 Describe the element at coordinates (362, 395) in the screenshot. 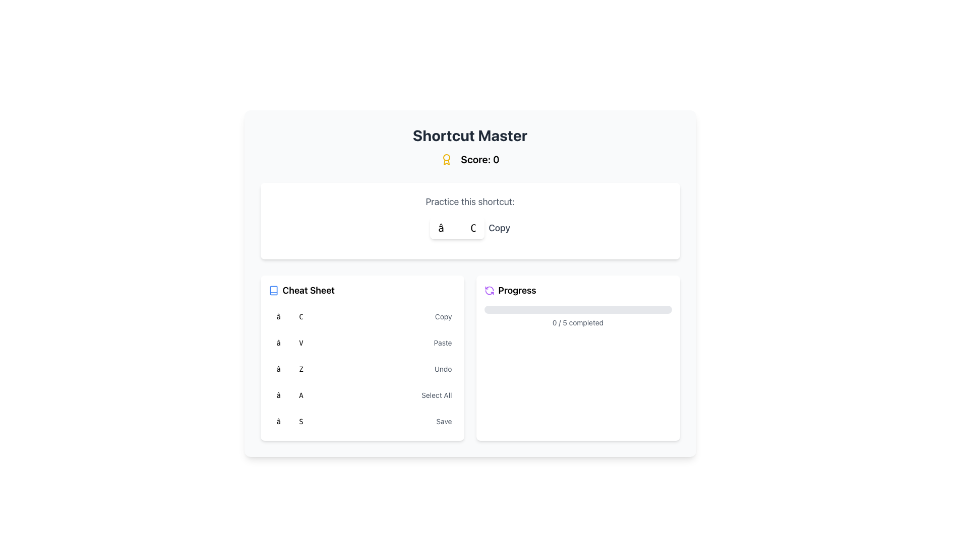

I see `the keyboard shortcut '⌘ A' and its description 'Select All', which is the fourth item in the vertical list under the 'Cheat Sheet' section` at that location.